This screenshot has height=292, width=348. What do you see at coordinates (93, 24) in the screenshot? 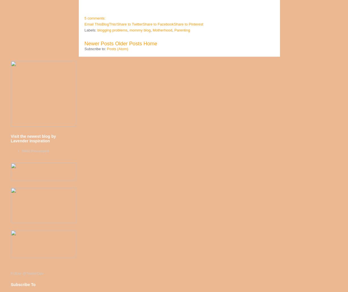
I see `'Email This'` at bounding box center [93, 24].